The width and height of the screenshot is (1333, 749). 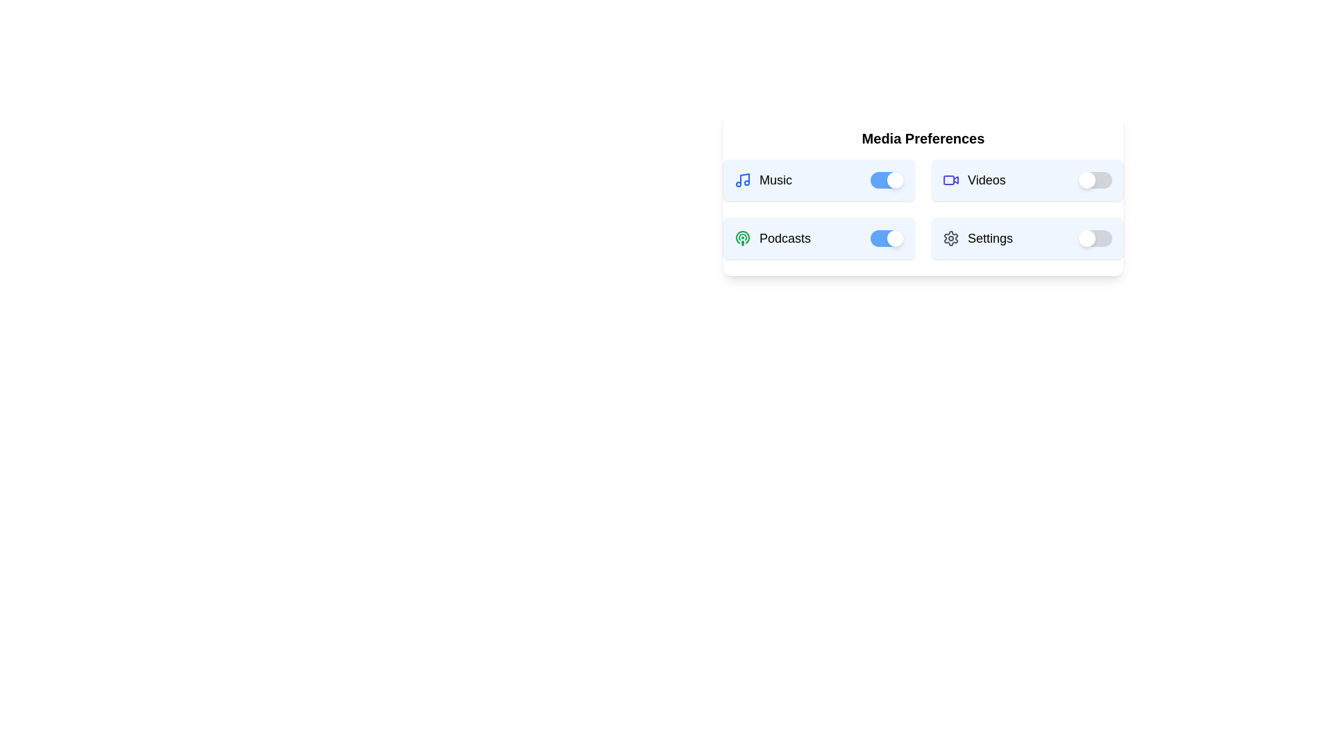 What do you see at coordinates (973, 179) in the screenshot?
I see `the 'Videos' text` at bounding box center [973, 179].